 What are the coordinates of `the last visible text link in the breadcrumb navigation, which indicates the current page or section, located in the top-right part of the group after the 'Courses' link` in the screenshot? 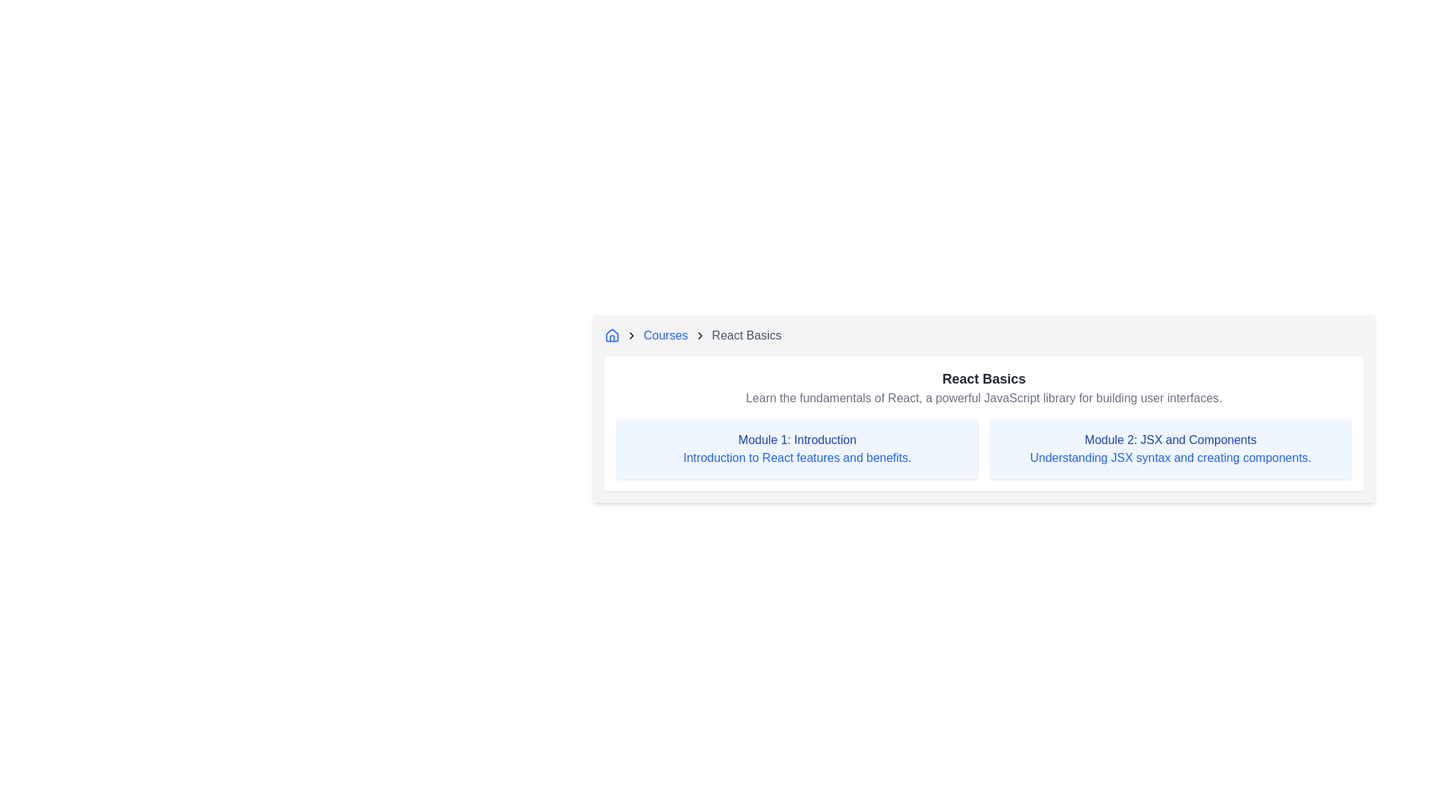 It's located at (747, 336).